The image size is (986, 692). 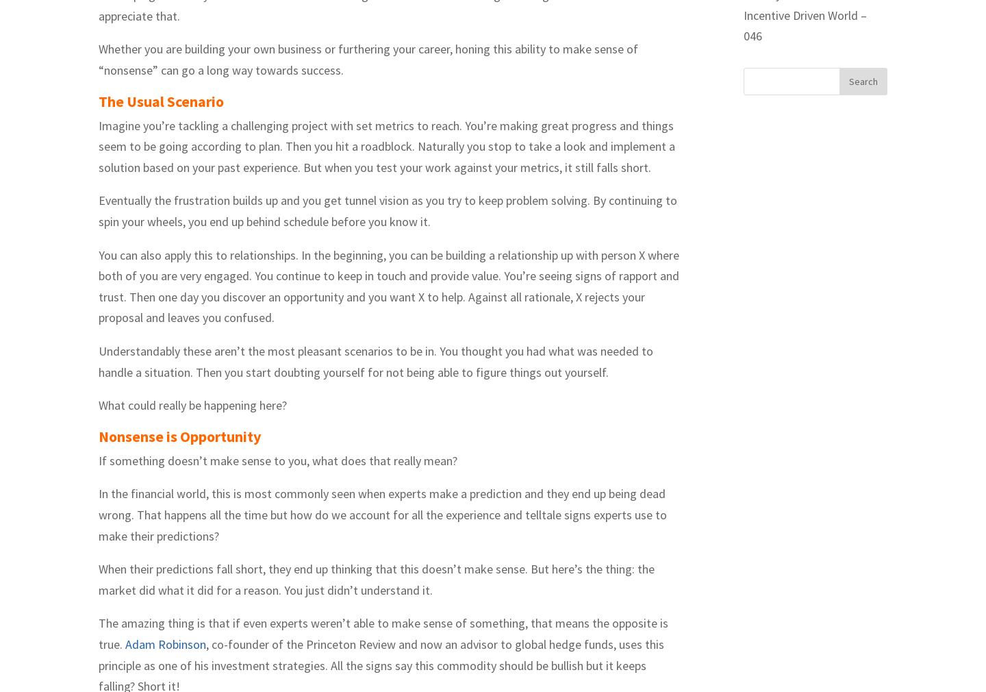 What do you see at coordinates (387, 145) in the screenshot?
I see `'Imagine you’re tackling a challenging project with set metrics to reach. You’re making great progress and things seem to be going according to plan. Then you hit a roadblock. Naturally you stop to take a look and implement a solution based on your past experience. But when you test your work against your metrics, it still falls short.'` at bounding box center [387, 145].